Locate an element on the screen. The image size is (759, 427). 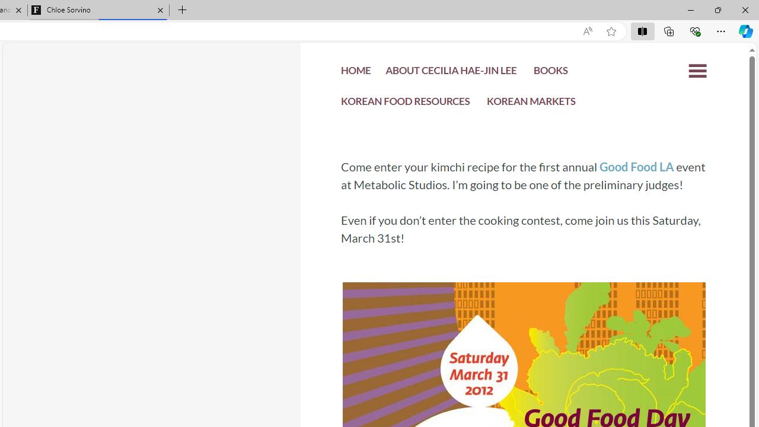
'KOREAN MARKETS' is located at coordinates (531, 102).